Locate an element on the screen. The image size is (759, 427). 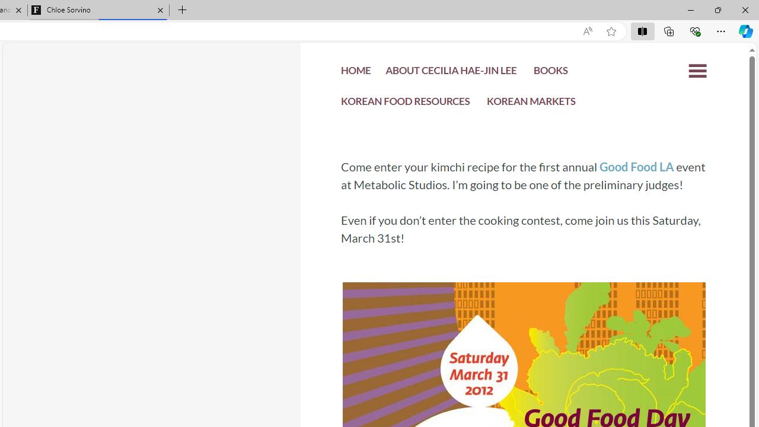
'KOREAN MARKETS' is located at coordinates (531, 102).